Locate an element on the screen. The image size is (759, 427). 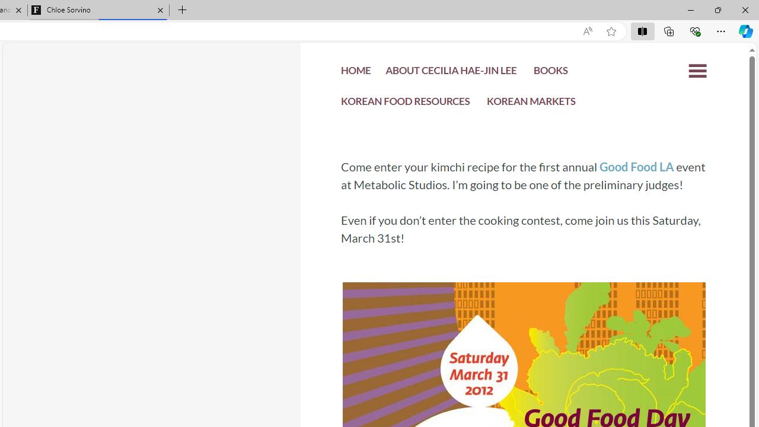
'KOREAN MARKETS' is located at coordinates (531, 102).